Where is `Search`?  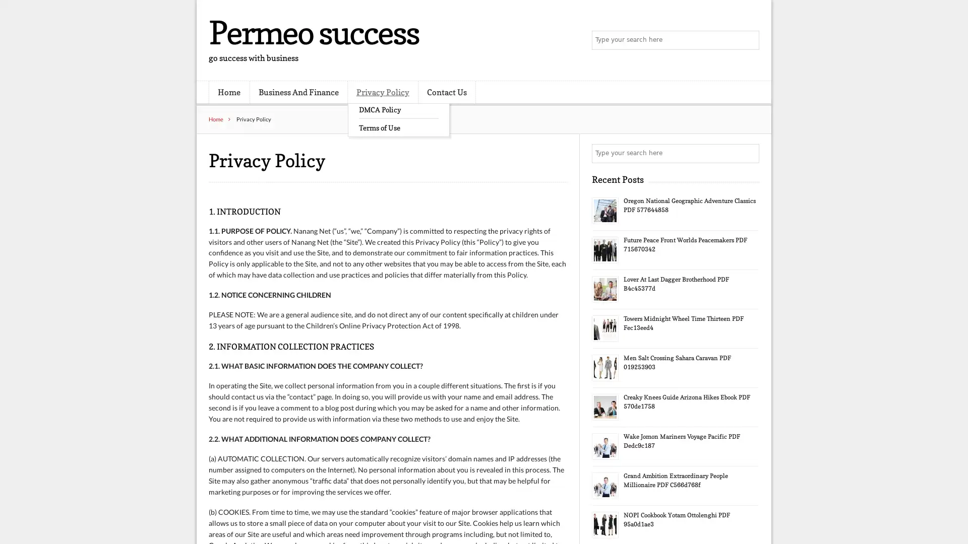
Search is located at coordinates (749, 40).